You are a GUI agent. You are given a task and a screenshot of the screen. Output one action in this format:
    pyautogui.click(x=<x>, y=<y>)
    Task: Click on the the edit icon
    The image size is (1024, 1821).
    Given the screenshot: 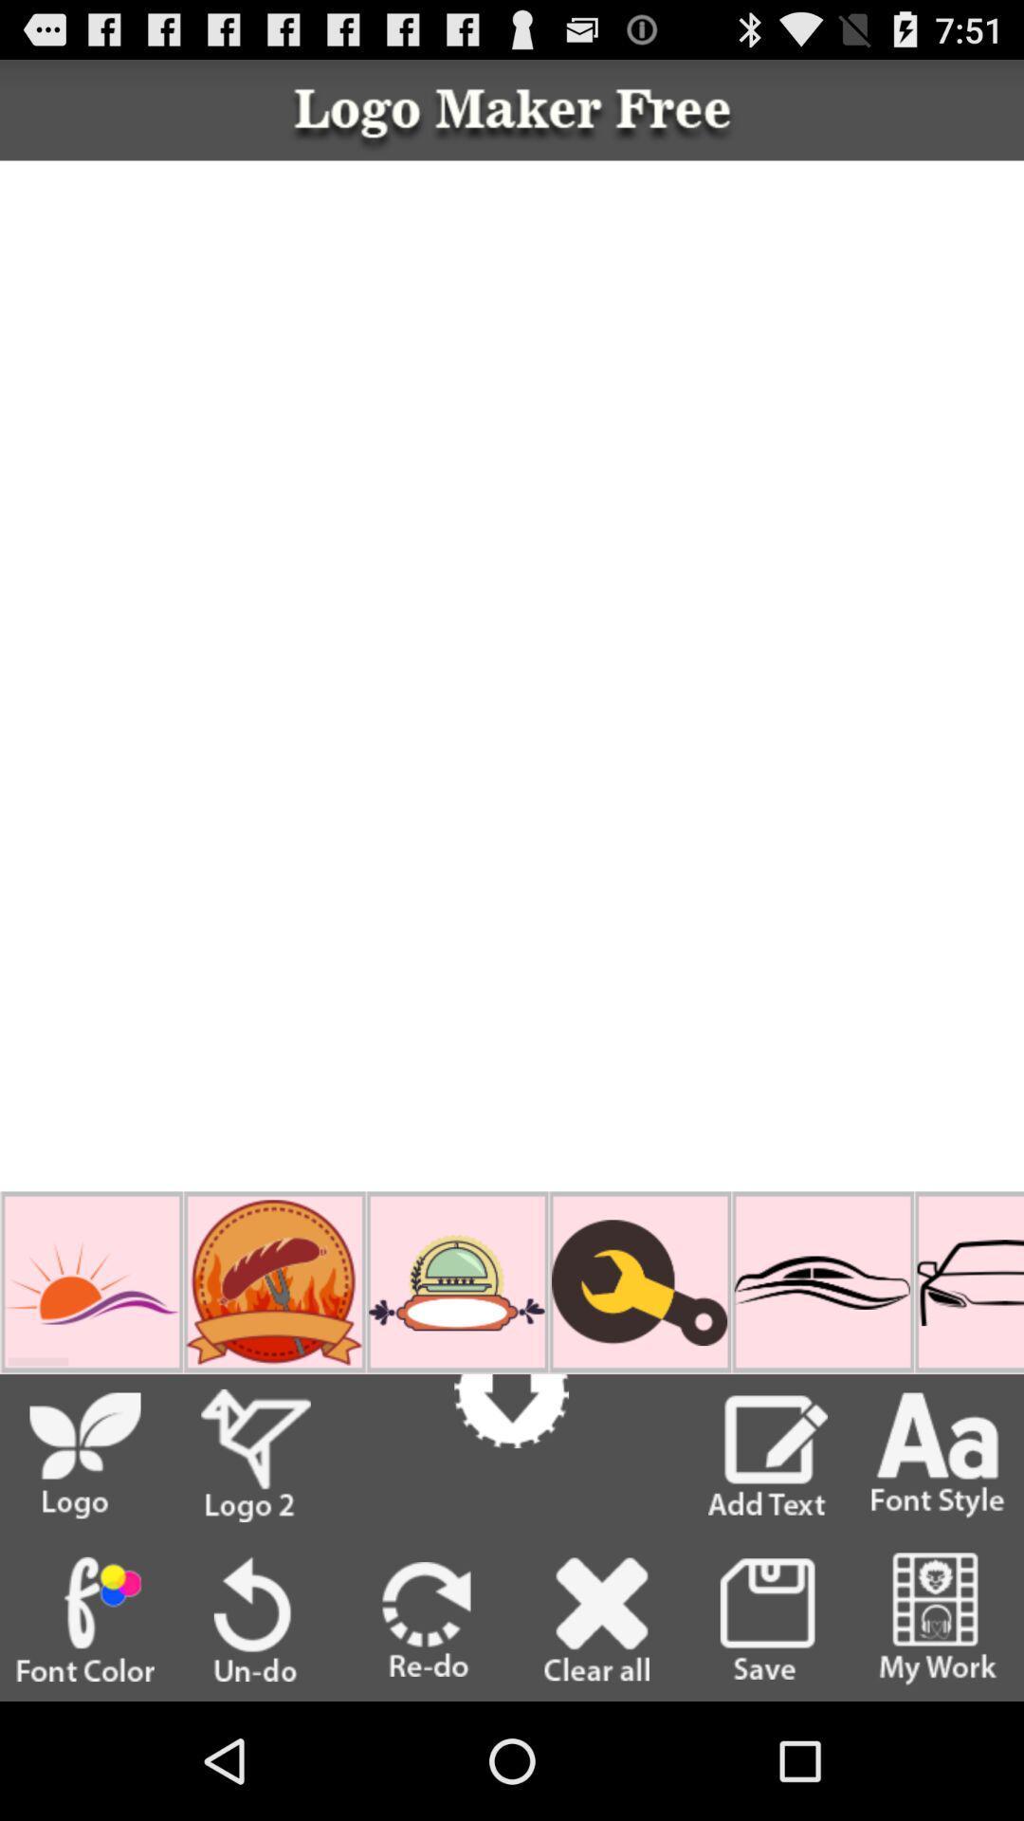 What is the action you would take?
    pyautogui.click(x=768, y=1557)
    